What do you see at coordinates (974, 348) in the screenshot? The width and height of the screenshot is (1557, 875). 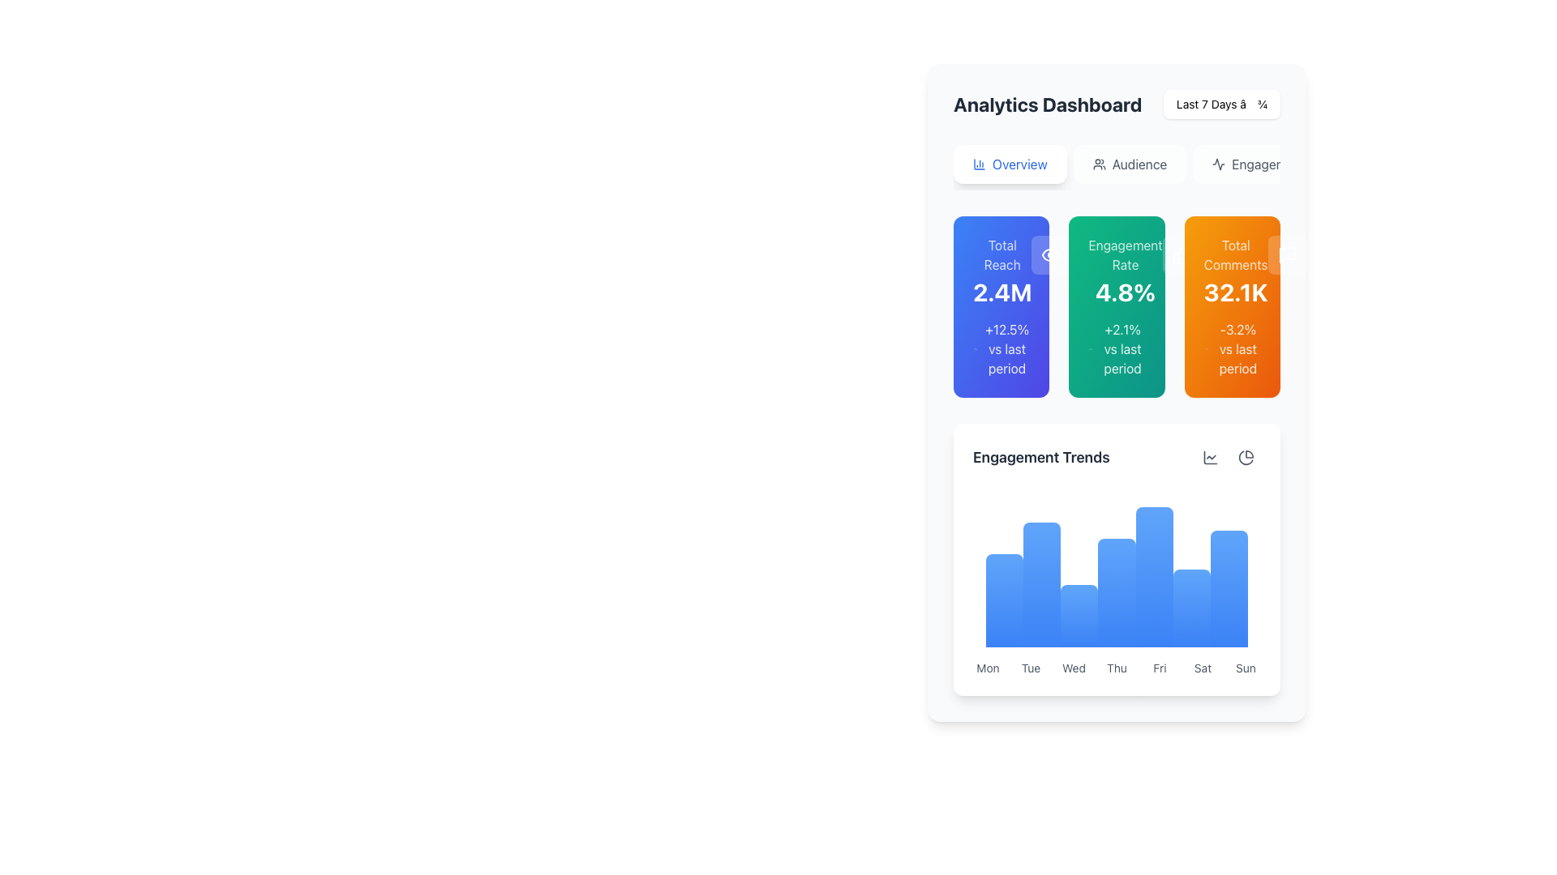 I see `the icon representing a positive change or increase located to the left of the text '+12.5% vs last period' in the 'Total Reach' metric section of the dashboard` at bounding box center [974, 348].